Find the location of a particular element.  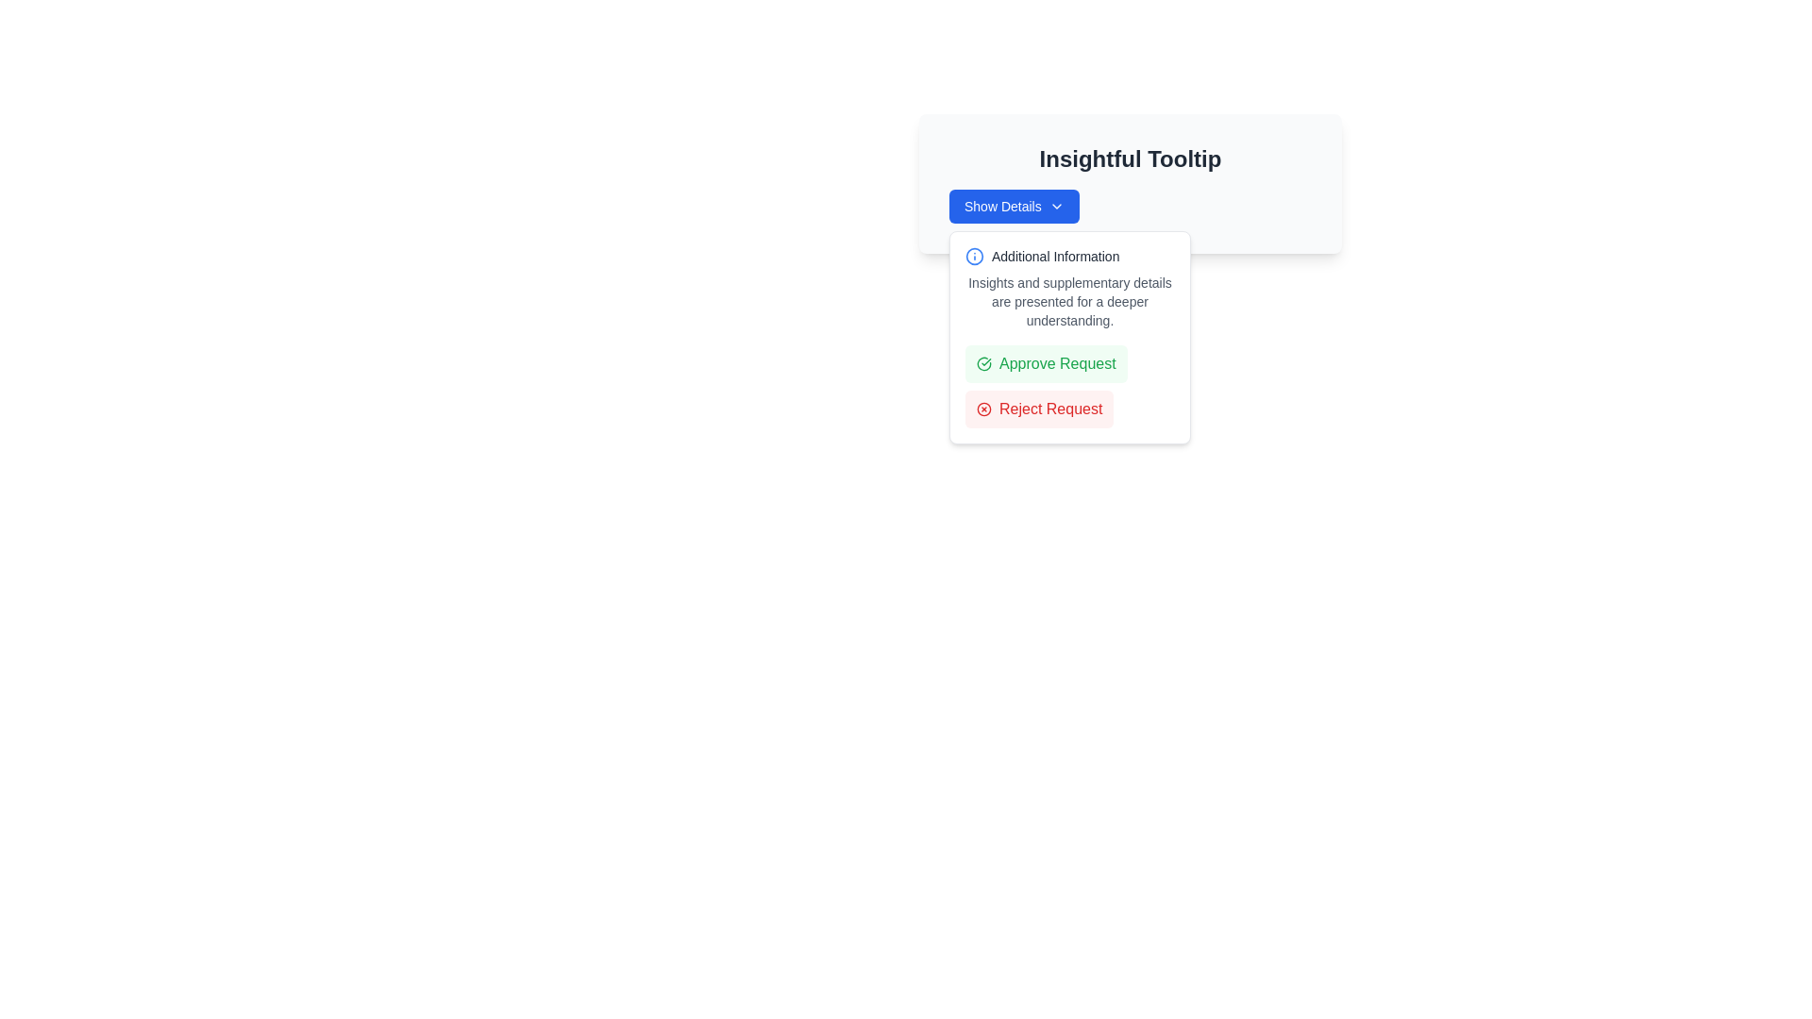

the blue circle icon with the letter 'i' in the 'Additional Information' text display is located at coordinates (1069, 257).